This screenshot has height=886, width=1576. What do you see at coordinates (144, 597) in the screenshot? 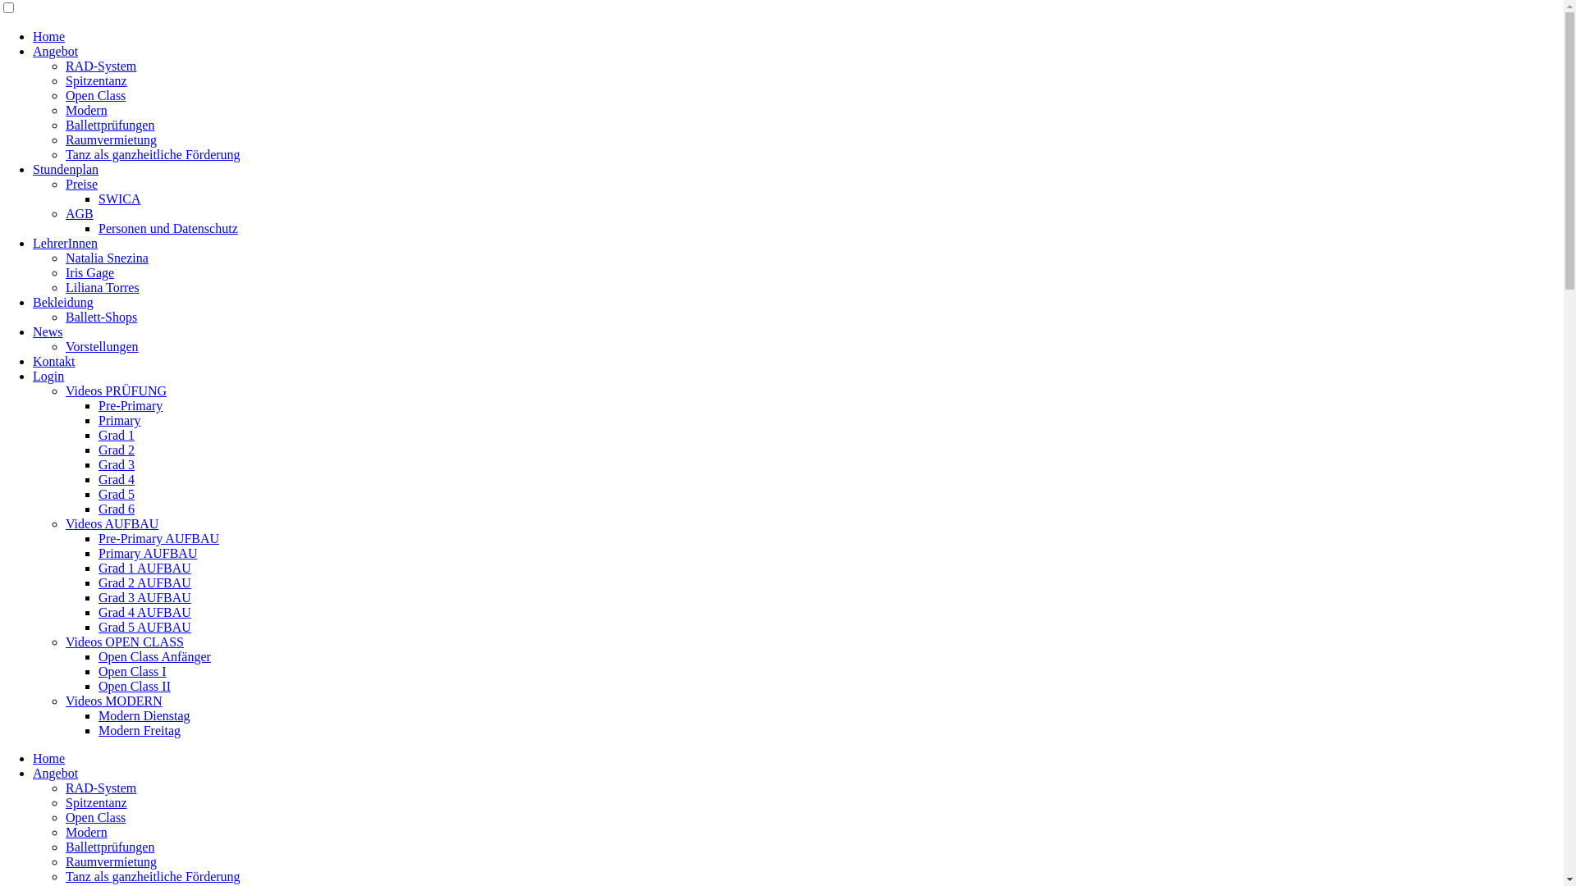
I see `'Grad 3 AUFBAU'` at bounding box center [144, 597].